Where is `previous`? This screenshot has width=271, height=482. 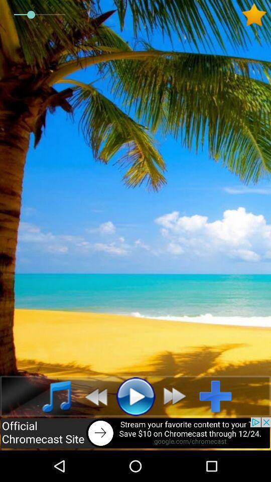 previous is located at coordinates (93, 396).